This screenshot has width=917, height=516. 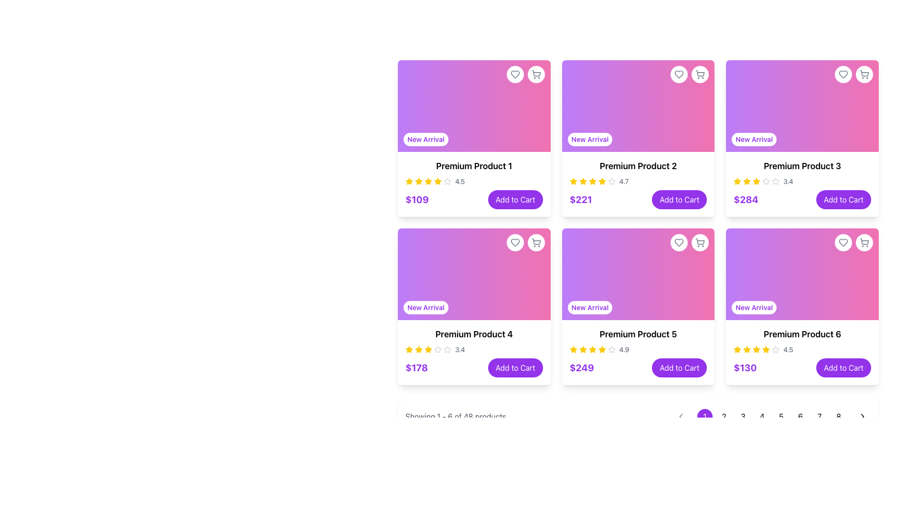 What do you see at coordinates (772, 416) in the screenshot?
I see `the circular button with the number '4' inside it to trigger its hover effects` at bounding box center [772, 416].